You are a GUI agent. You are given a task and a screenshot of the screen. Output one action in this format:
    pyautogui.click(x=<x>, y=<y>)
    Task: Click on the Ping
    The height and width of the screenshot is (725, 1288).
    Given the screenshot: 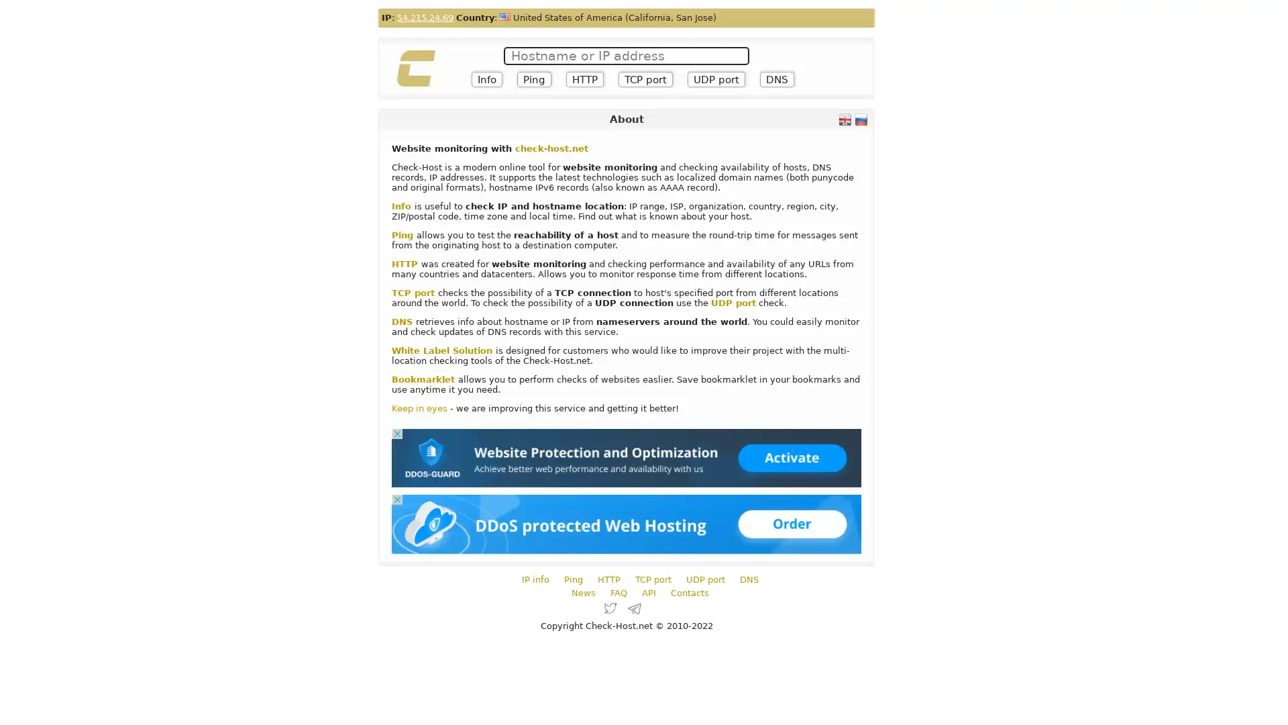 What is the action you would take?
    pyautogui.click(x=533, y=79)
    